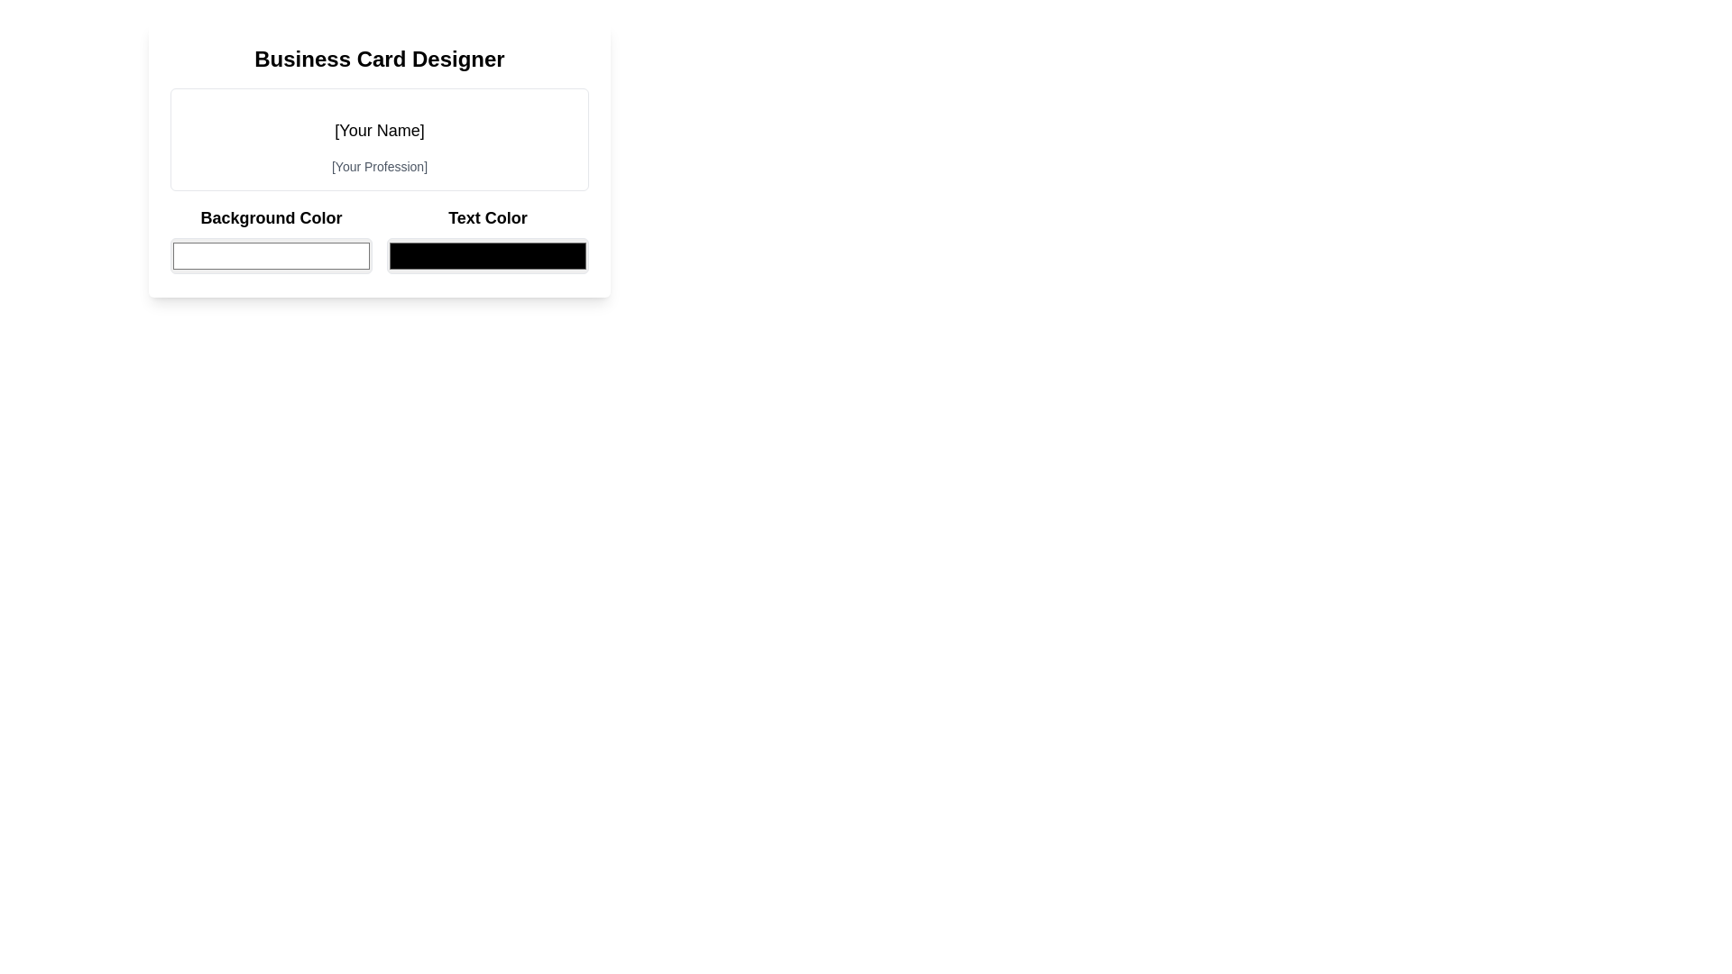 The height and width of the screenshot is (974, 1732). Describe the element at coordinates (379, 167) in the screenshot. I see `the static text label indicating the user's profession, which is positioned directly below the '[Your Name]' label in the business card designer interface` at that location.